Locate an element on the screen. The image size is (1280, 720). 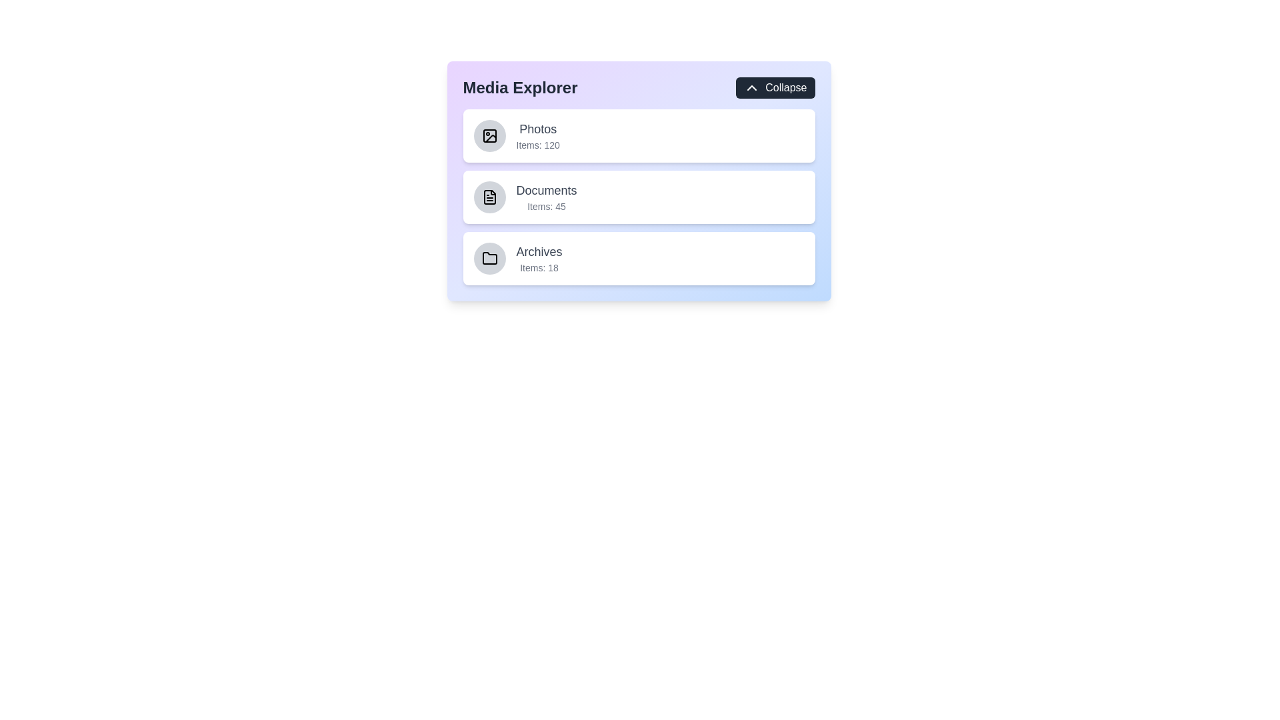
the icon representing the Photos category is located at coordinates (489, 136).